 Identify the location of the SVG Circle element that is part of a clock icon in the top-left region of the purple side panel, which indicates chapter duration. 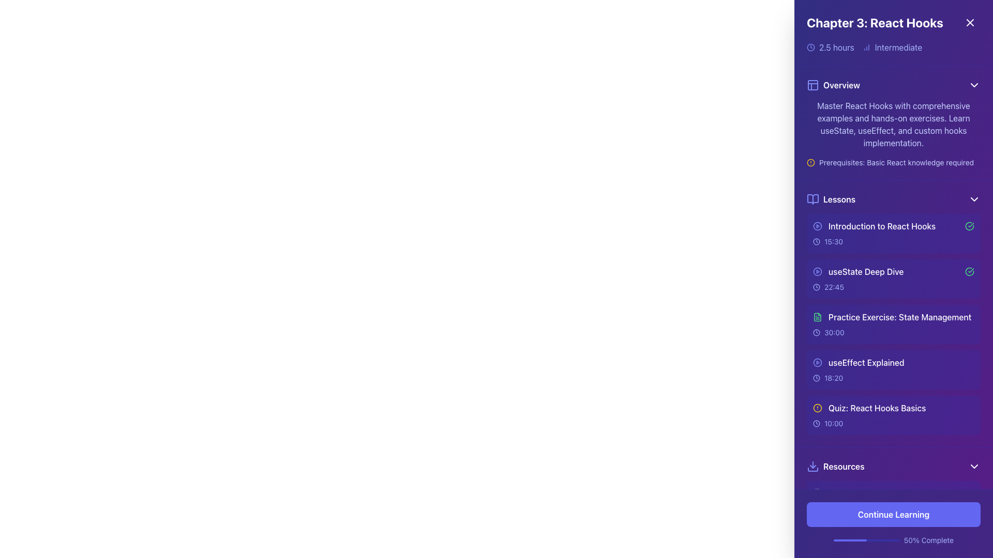
(810, 48).